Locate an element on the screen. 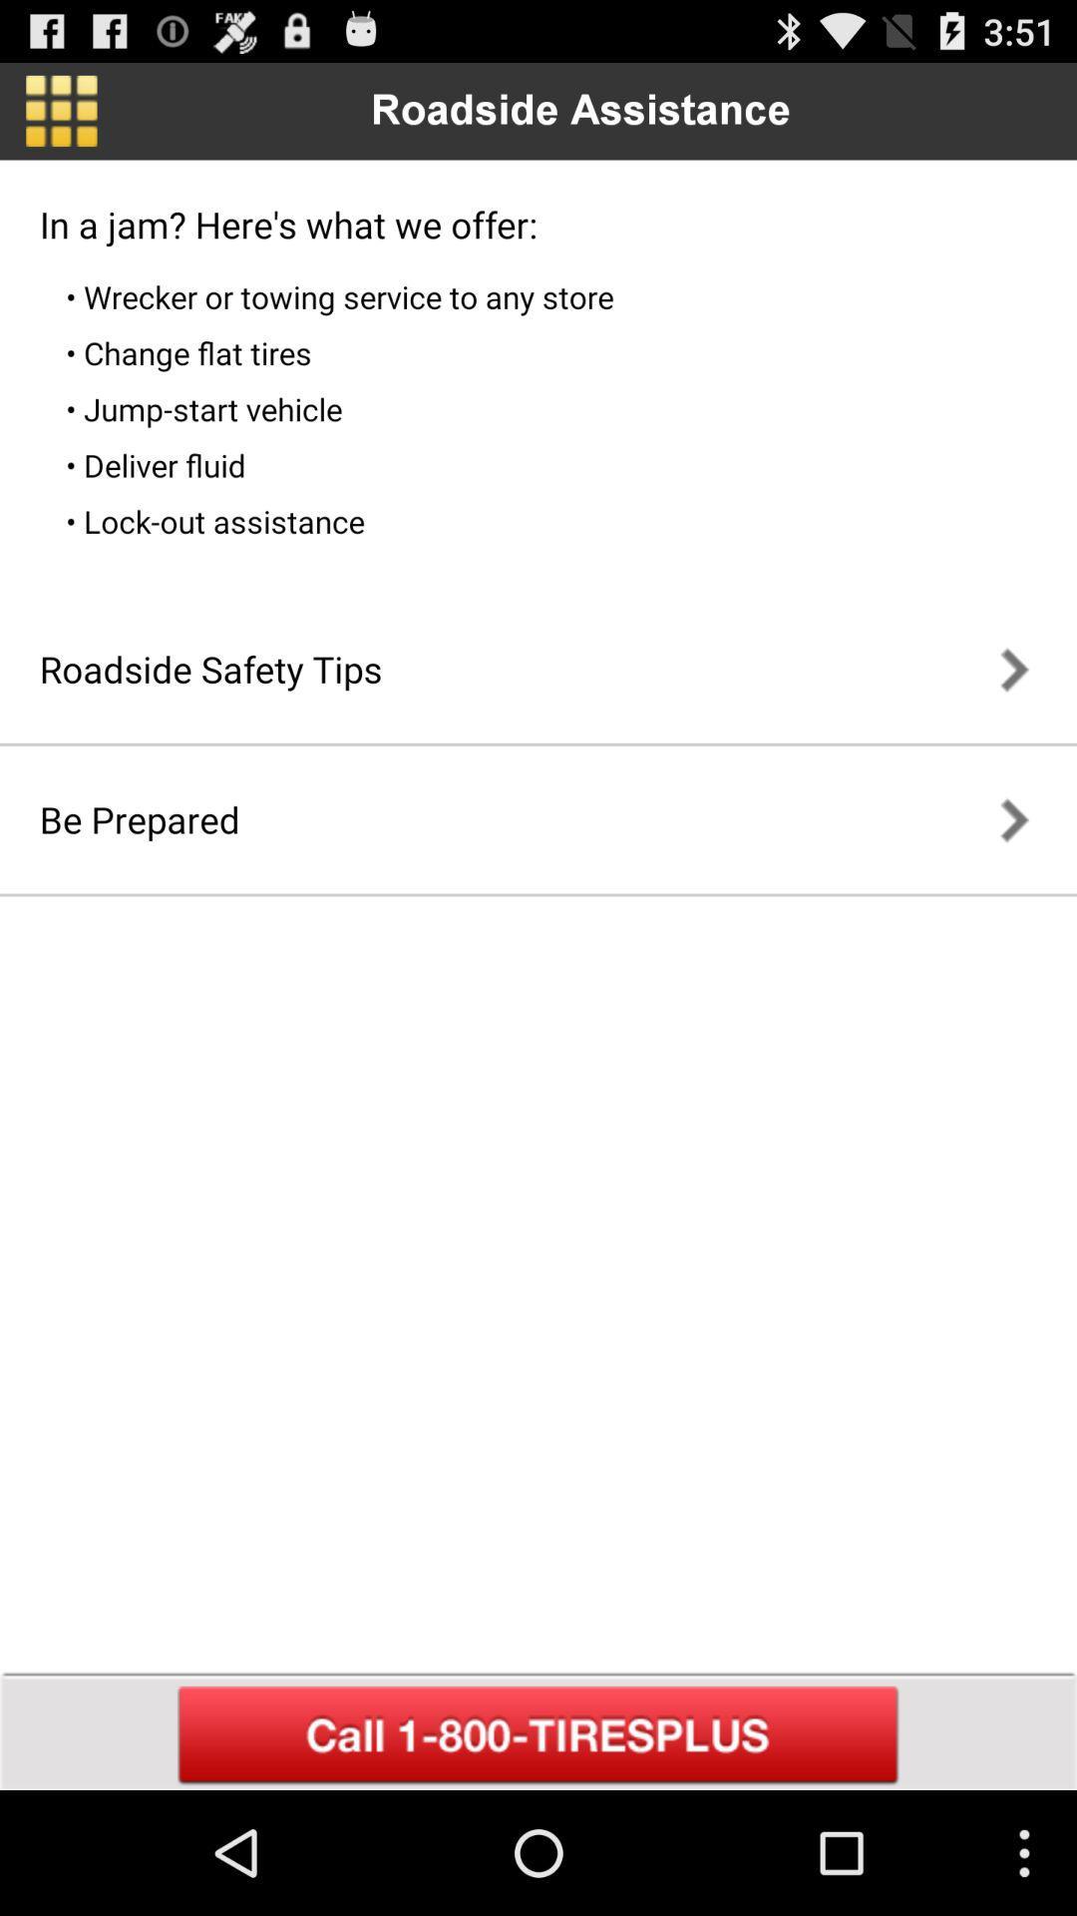 This screenshot has height=1916, width=1077. the dashboard icon is located at coordinates (60, 118).